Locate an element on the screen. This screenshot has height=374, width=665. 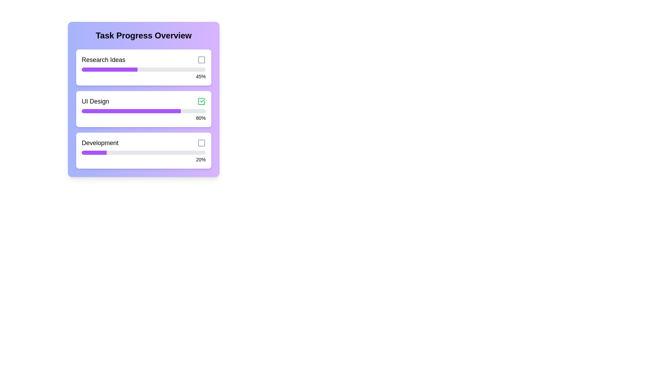
the progress bar indicating 20% development progress, located centrally within the 'Development' card is located at coordinates (143, 152).